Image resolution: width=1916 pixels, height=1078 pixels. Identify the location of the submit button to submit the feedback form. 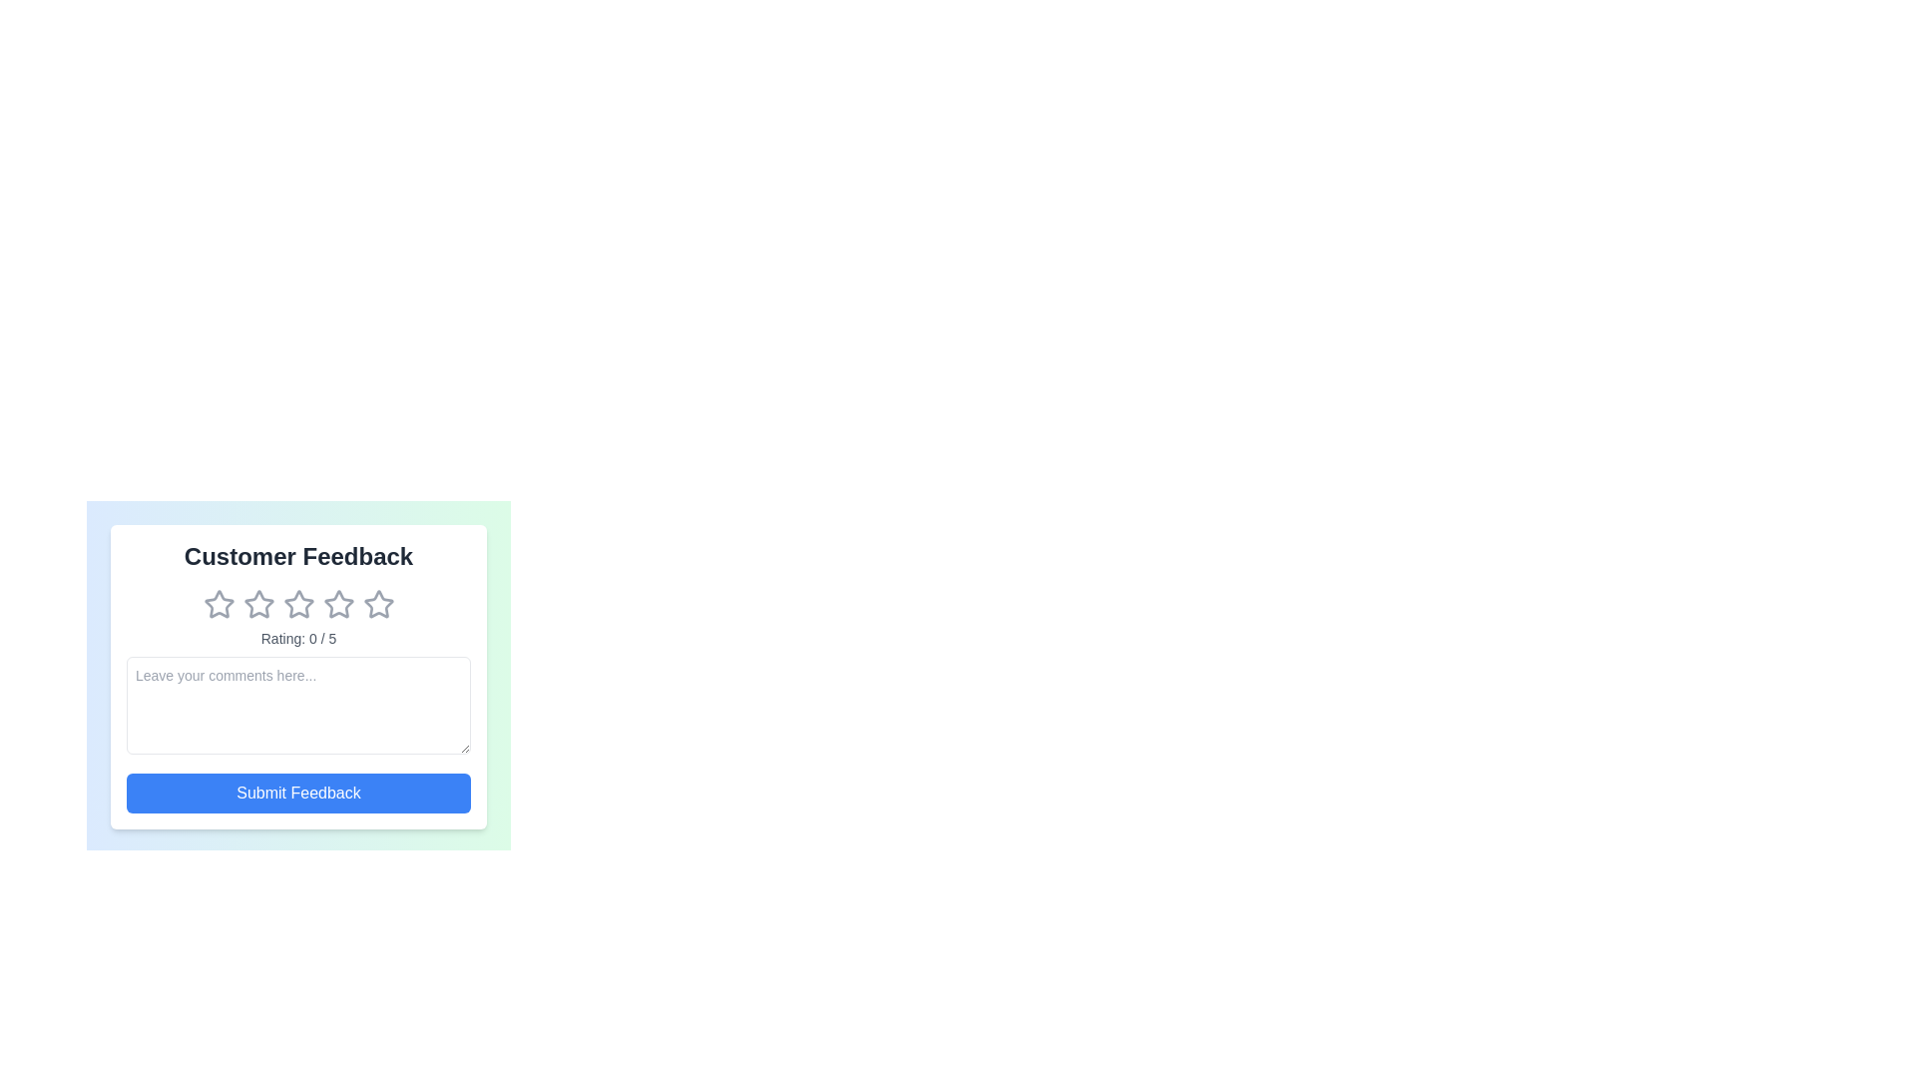
(297, 792).